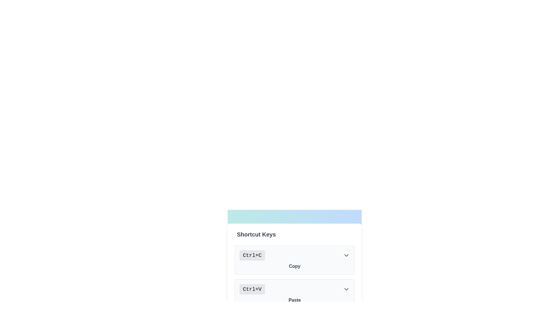 The height and width of the screenshot is (310, 552). What do you see at coordinates (256, 235) in the screenshot?
I see `the 'Shortcut Keys' text label, which is a bold, large font styled in dark gray (#4A4A4A) and positioned near the top of the visible content section` at bounding box center [256, 235].